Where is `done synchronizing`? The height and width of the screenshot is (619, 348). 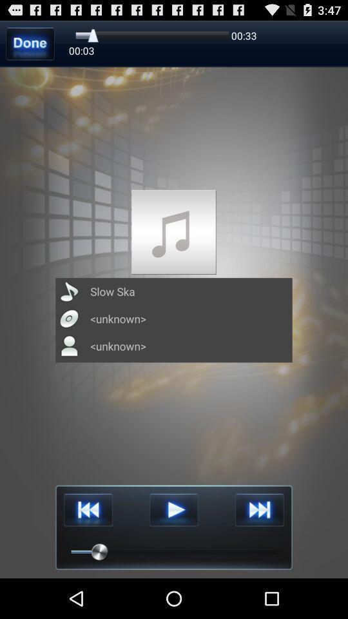
done synchronizing is located at coordinates (30, 43).